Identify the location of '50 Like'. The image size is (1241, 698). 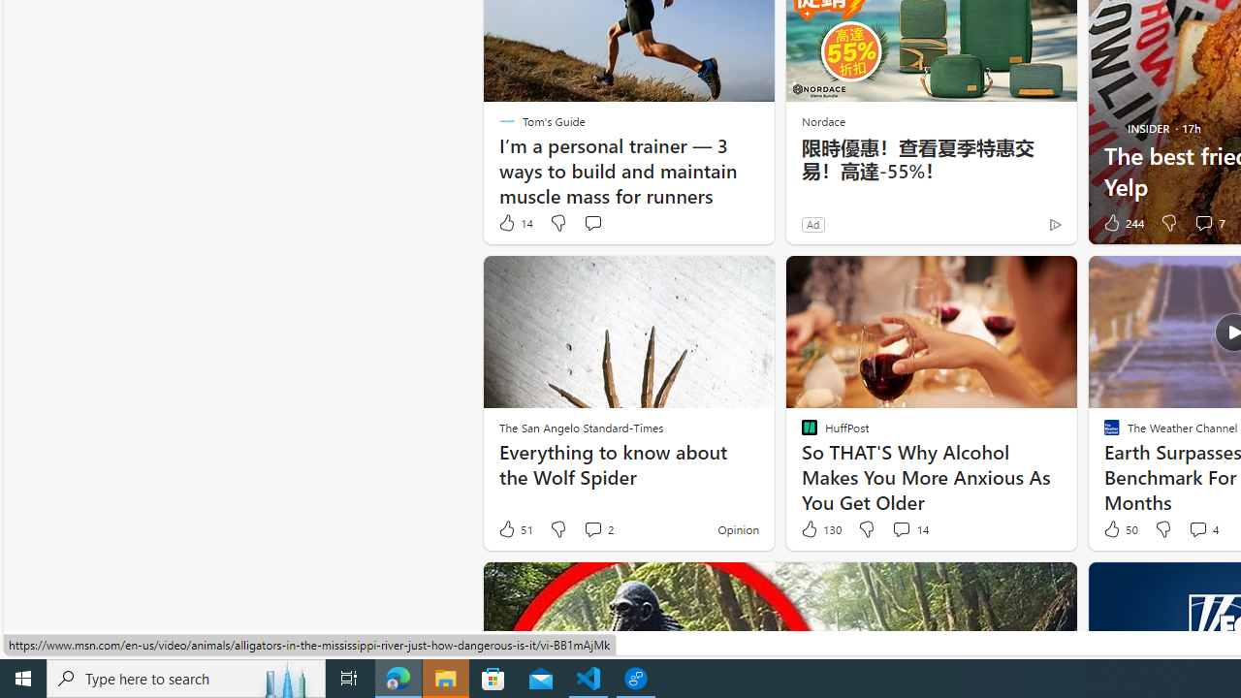
(1119, 529).